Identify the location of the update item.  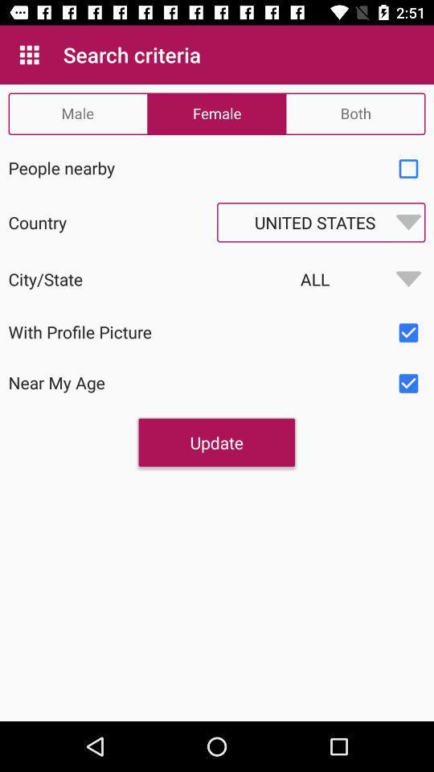
(216, 442).